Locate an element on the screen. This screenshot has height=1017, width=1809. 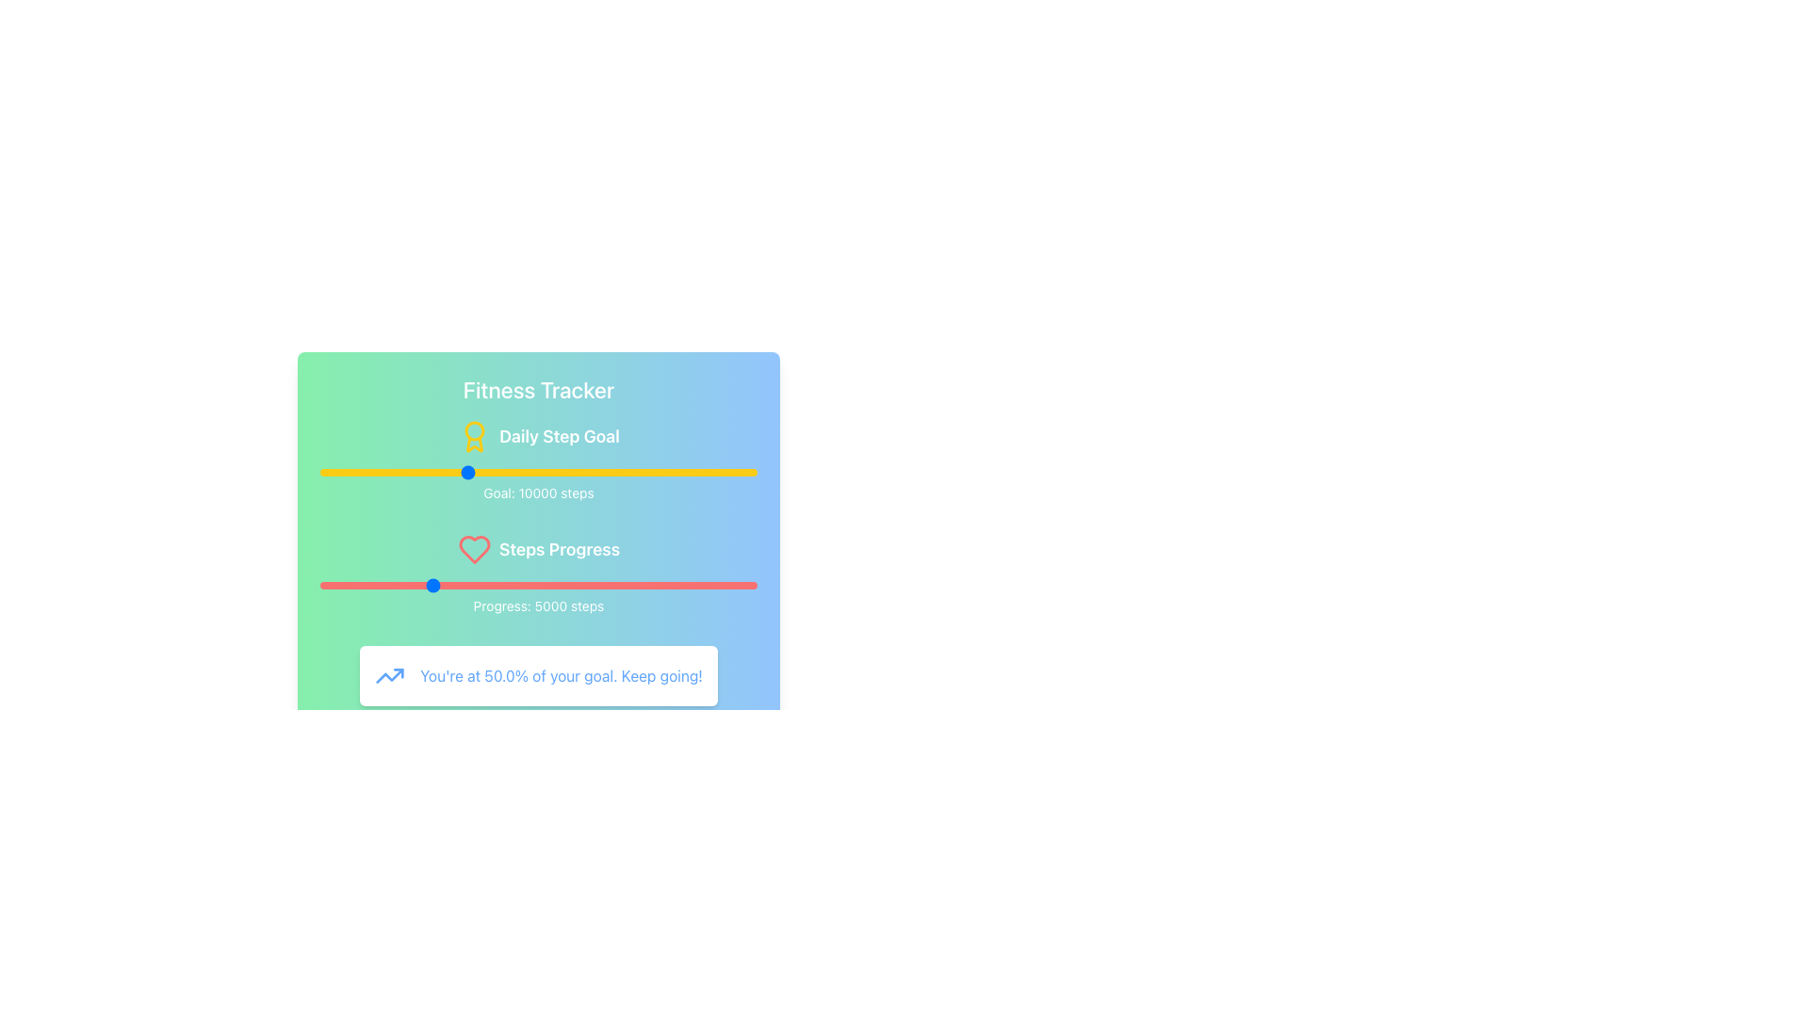
the daily step goal is located at coordinates (487, 471).